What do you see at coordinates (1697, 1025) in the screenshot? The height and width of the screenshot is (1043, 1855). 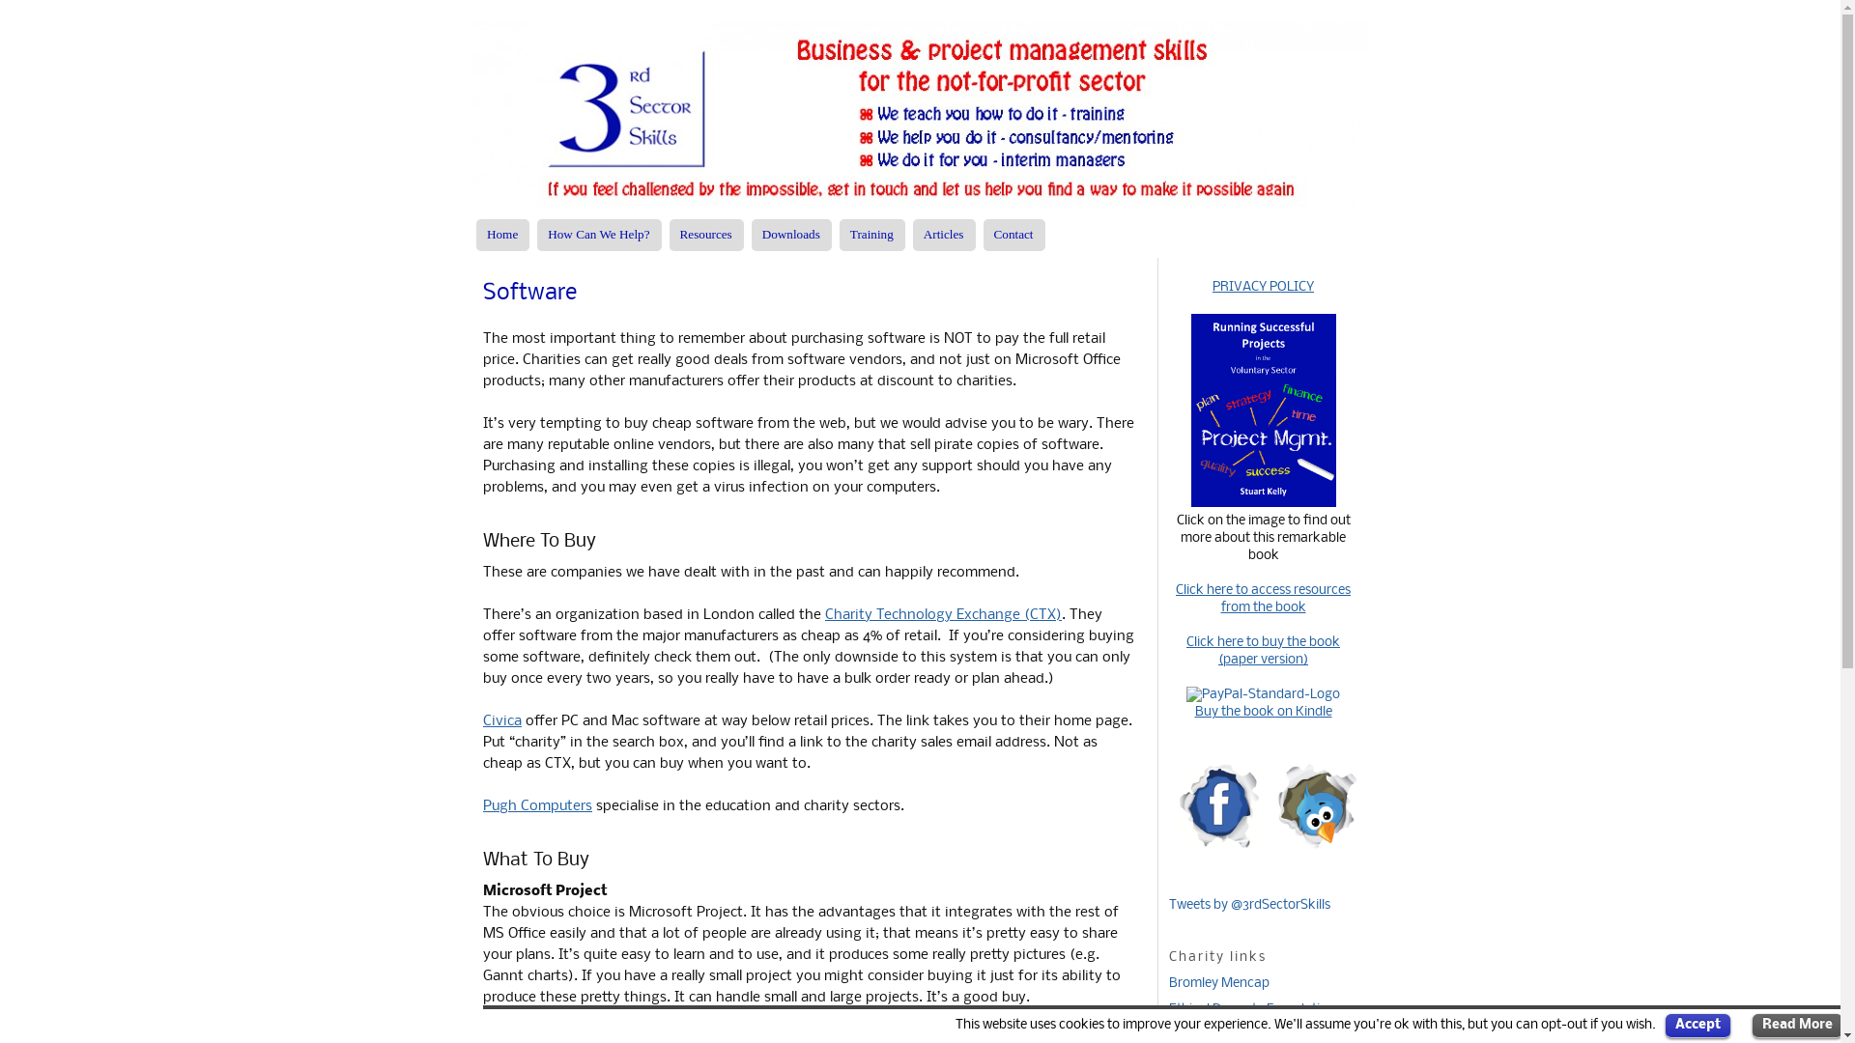 I see `'Accept'` at bounding box center [1697, 1025].